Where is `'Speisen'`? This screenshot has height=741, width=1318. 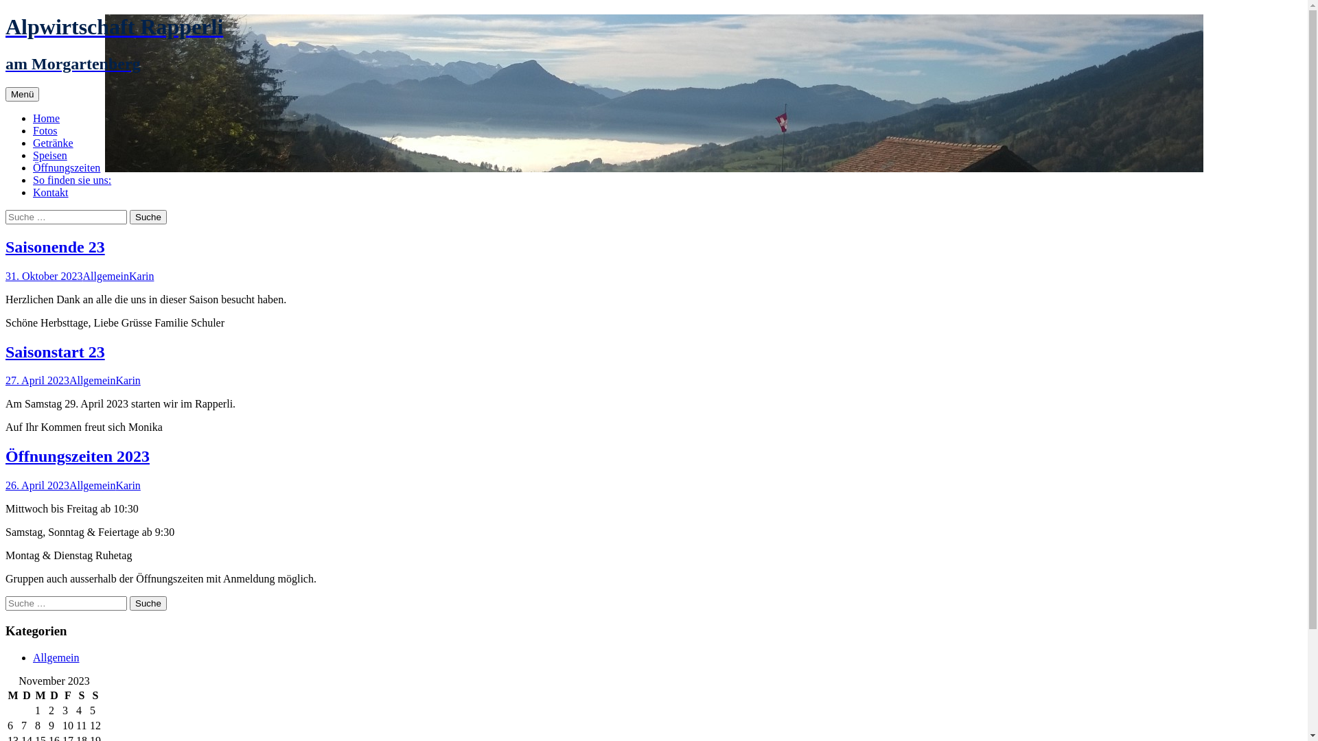 'Speisen' is located at coordinates (49, 154).